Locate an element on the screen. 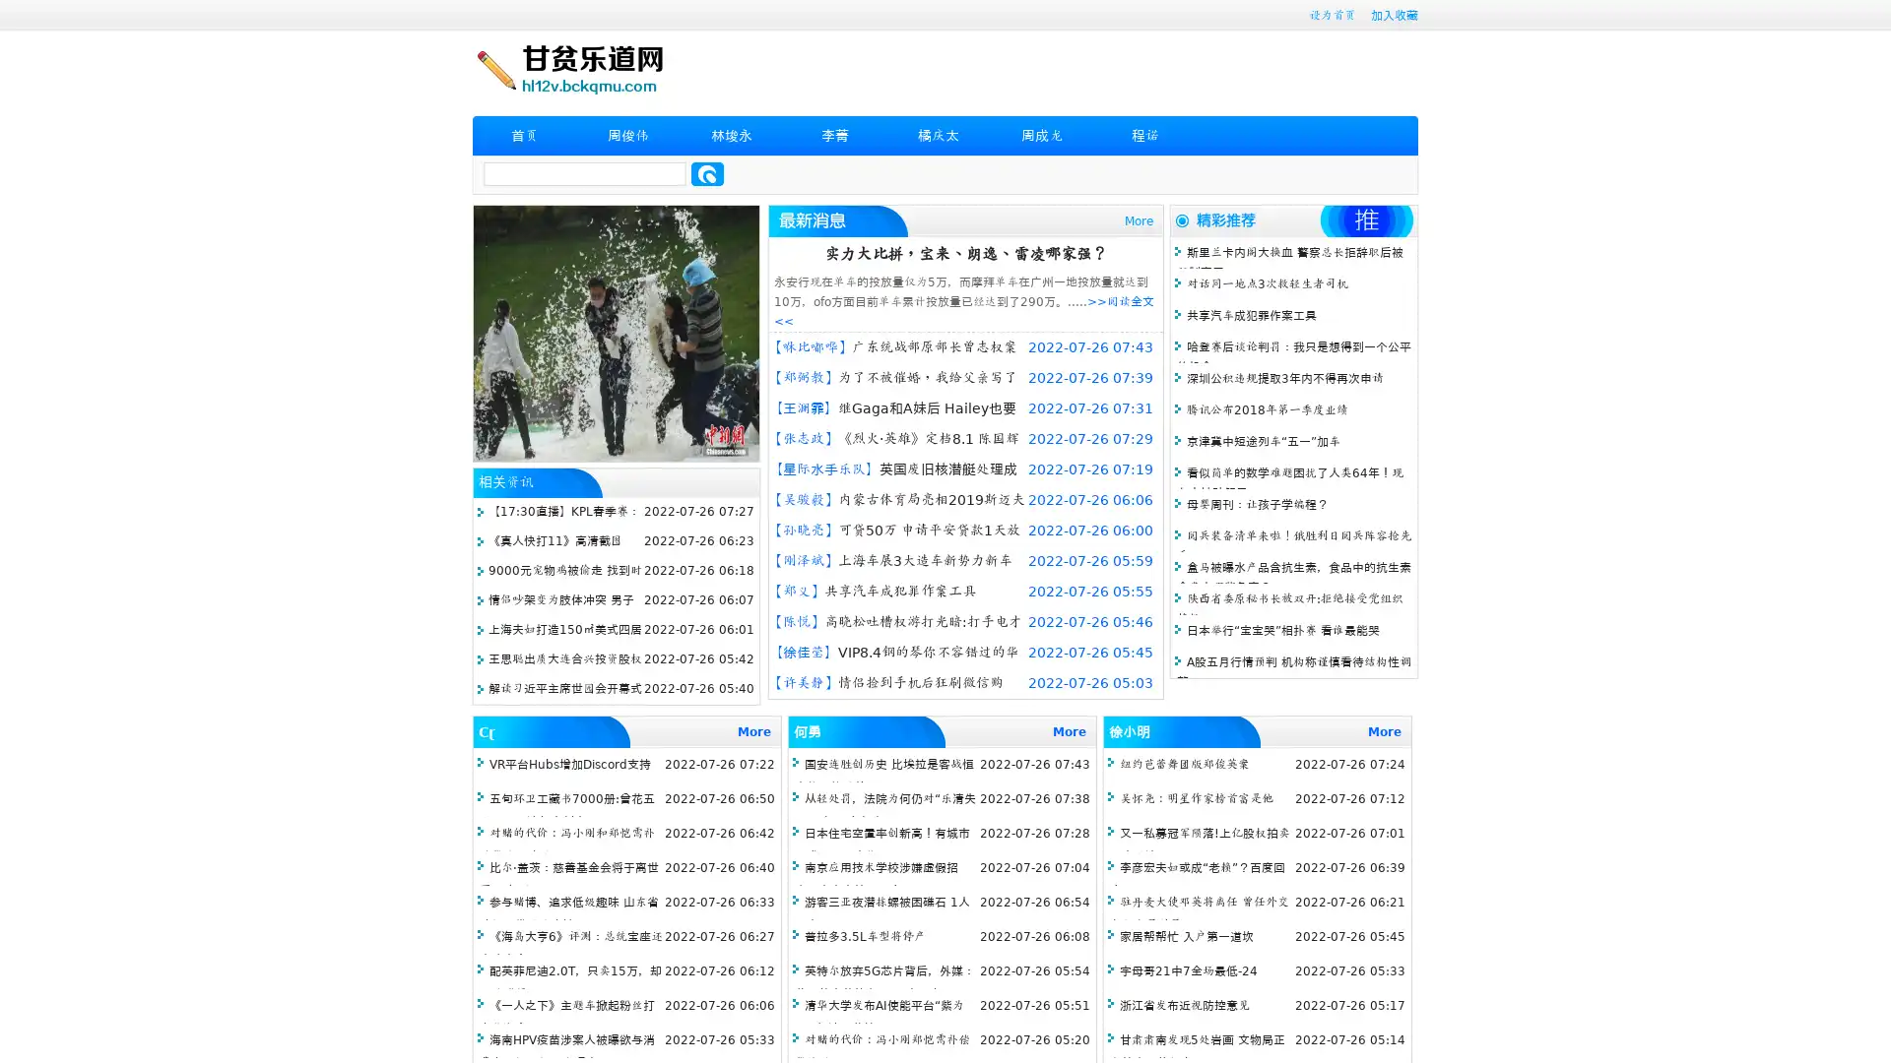 This screenshot has width=1891, height=1063. Search is located at coordinates (707, 173).